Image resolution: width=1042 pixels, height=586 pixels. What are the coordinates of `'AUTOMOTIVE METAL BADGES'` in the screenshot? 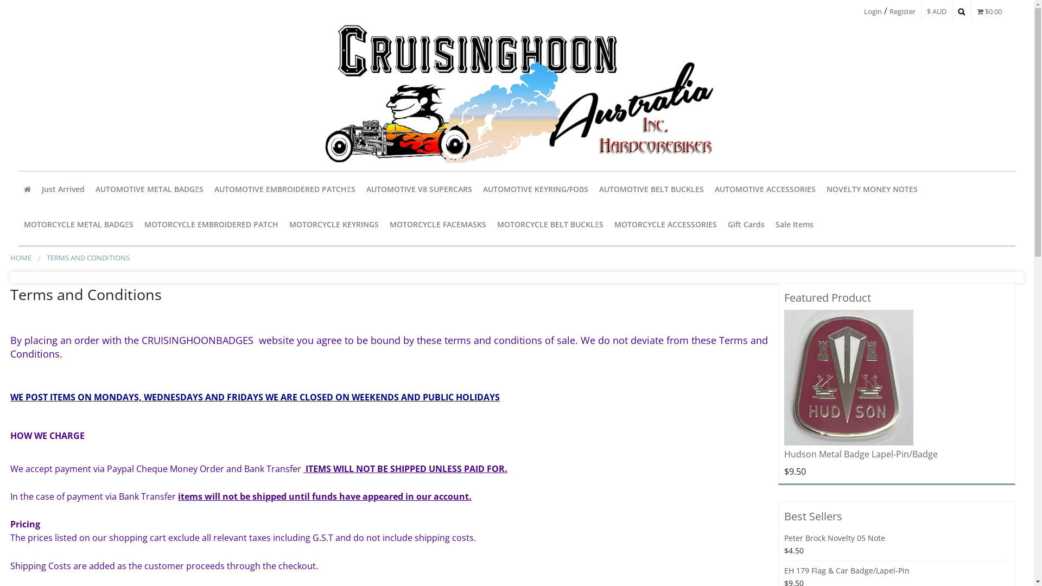 It's located at (149, 188).